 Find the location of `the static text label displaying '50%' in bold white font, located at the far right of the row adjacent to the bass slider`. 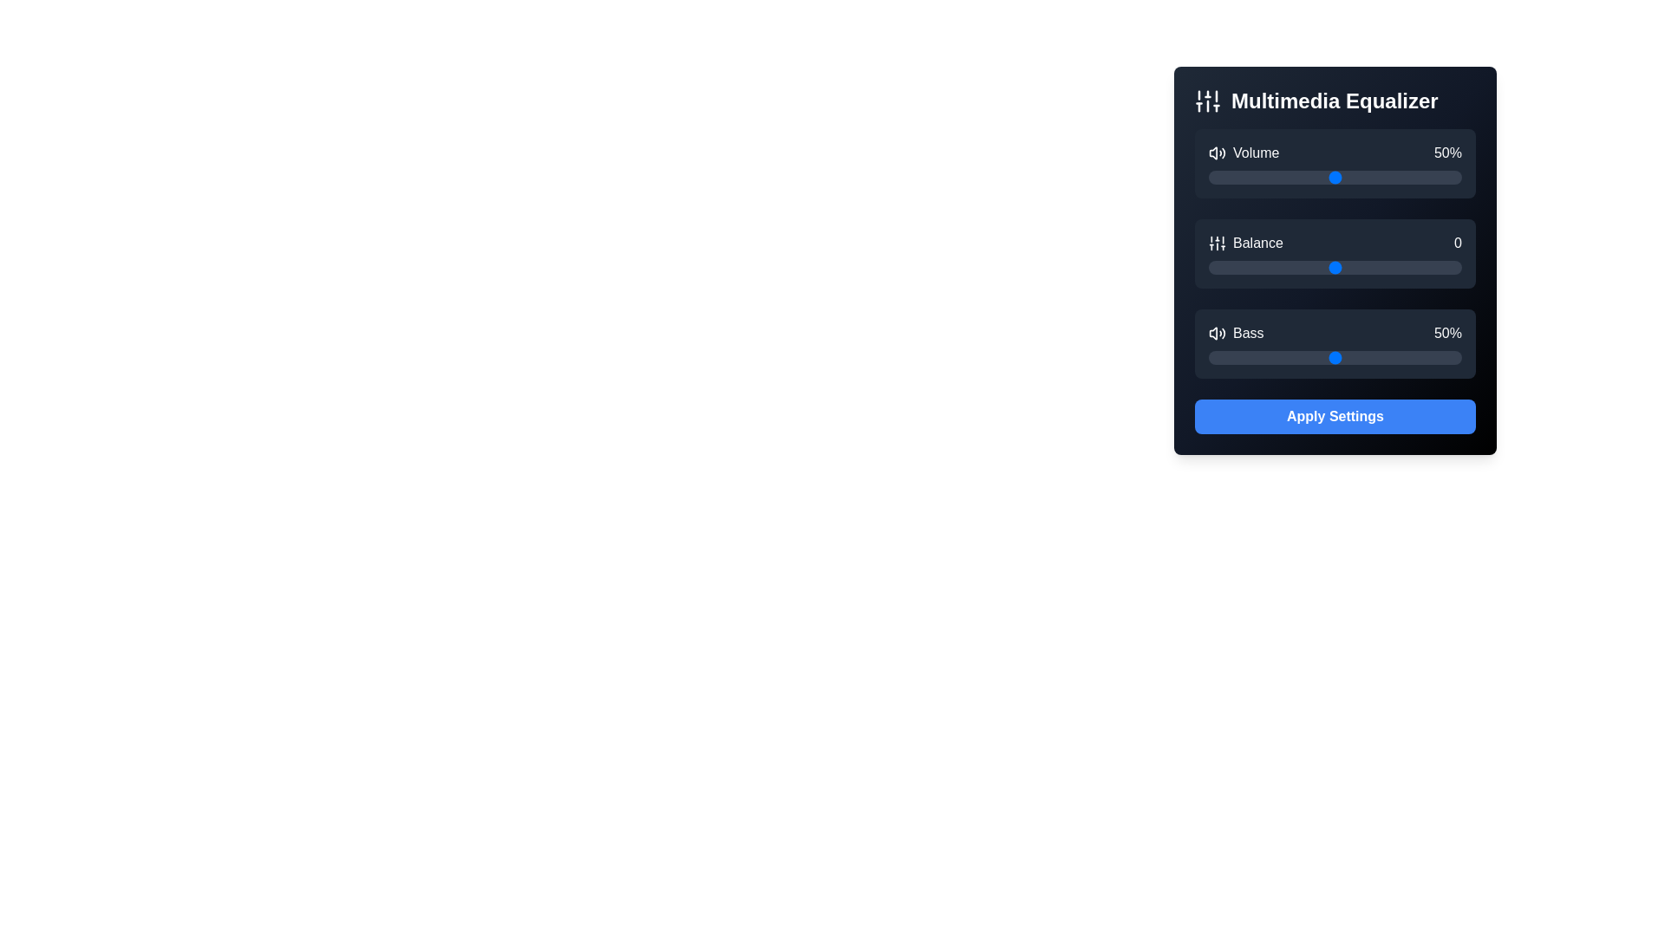

the static text label displaying '50%' in bold white font, located at the far right of the row adjacent to the bass slider is located at coordinates (1448, 334).